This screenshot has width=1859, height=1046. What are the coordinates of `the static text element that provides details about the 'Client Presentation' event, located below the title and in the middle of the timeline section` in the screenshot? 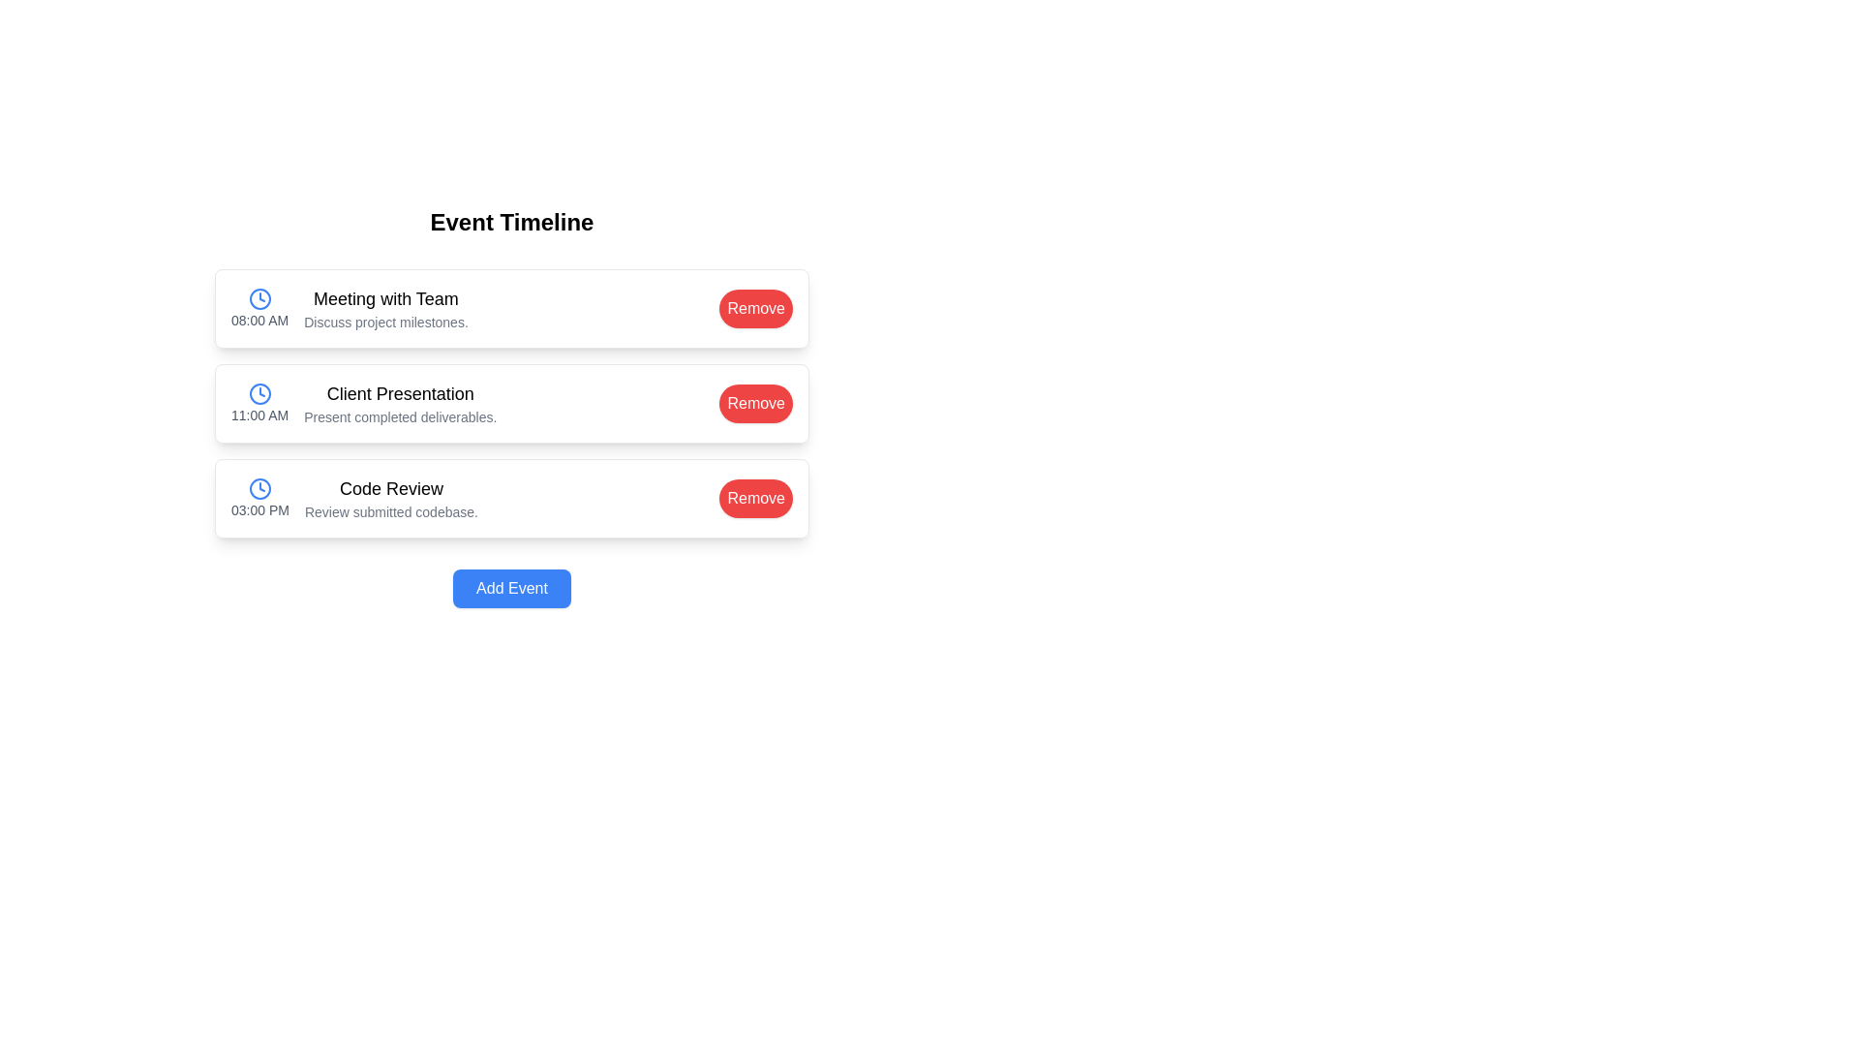 It's located at (399, 416).